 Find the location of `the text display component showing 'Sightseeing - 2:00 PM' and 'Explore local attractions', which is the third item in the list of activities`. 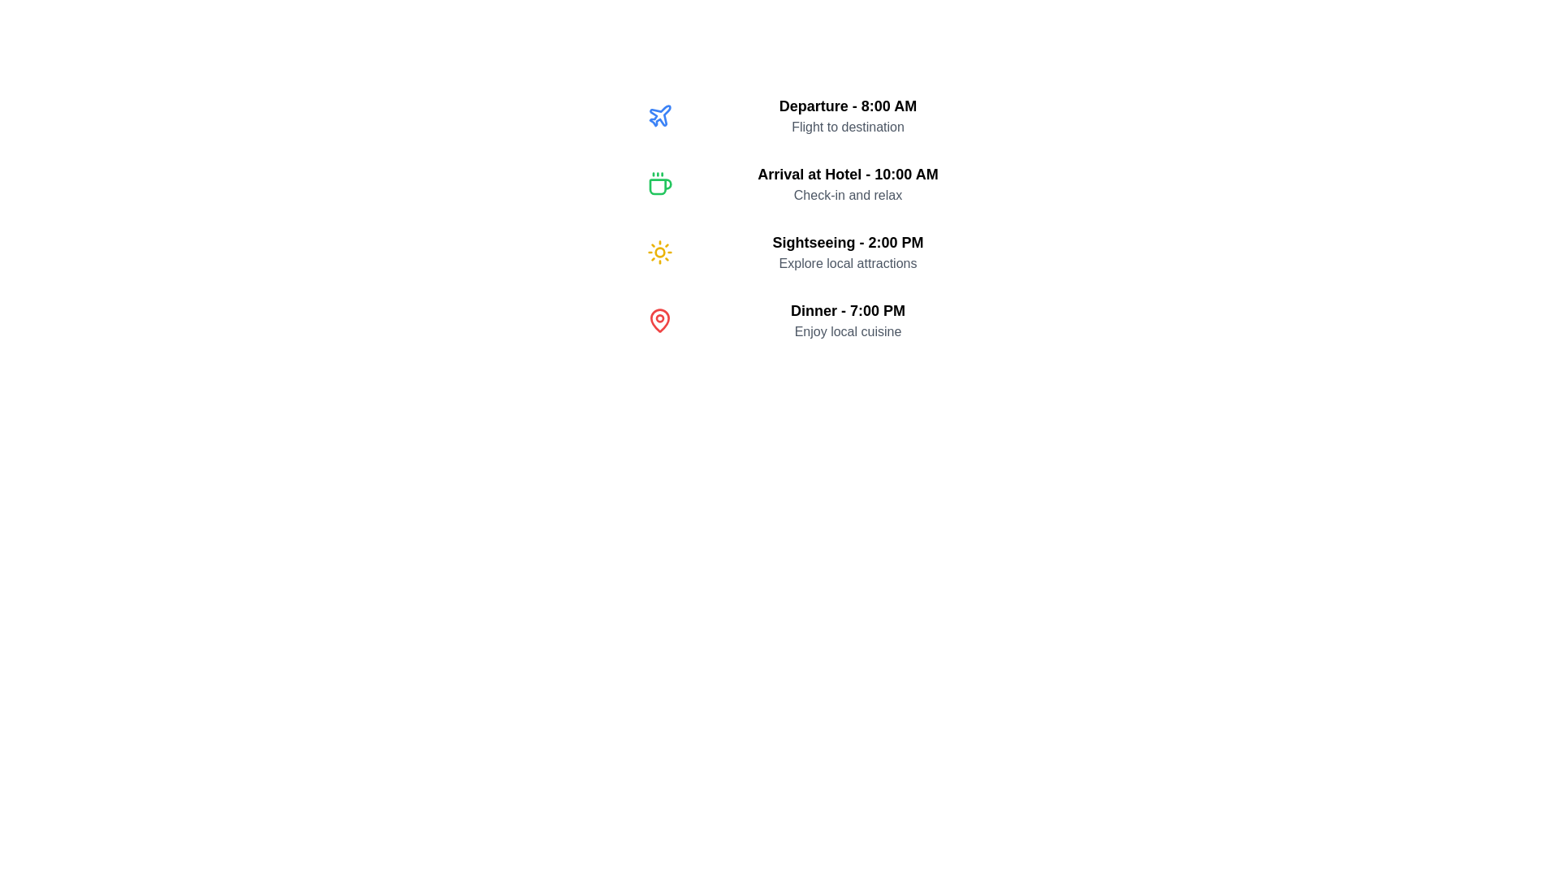

the text display component showing 'Sightseeing - 2:00 PM' and 'Explore local attractions', which is the third item in the list of activities is located at coordinates (847, 253).